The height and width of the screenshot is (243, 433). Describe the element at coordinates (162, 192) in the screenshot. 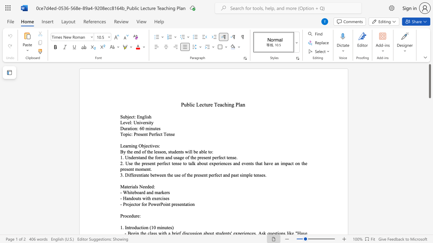

I see `the space between the continuous character "r" and "k" in the text` at that location.